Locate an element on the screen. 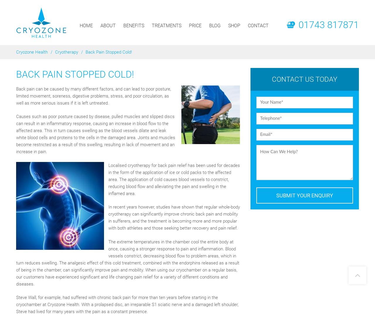  'Recovery Boots' is located at coordinates (171, 63).